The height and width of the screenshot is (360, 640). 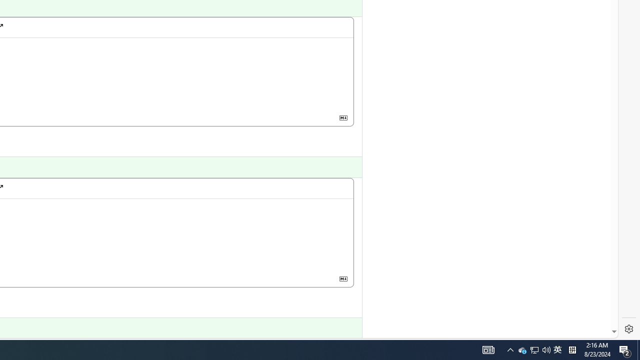 I want to click on 'Class: s16 gl-icon gl-button-icon ', so click(x=343, y=278).